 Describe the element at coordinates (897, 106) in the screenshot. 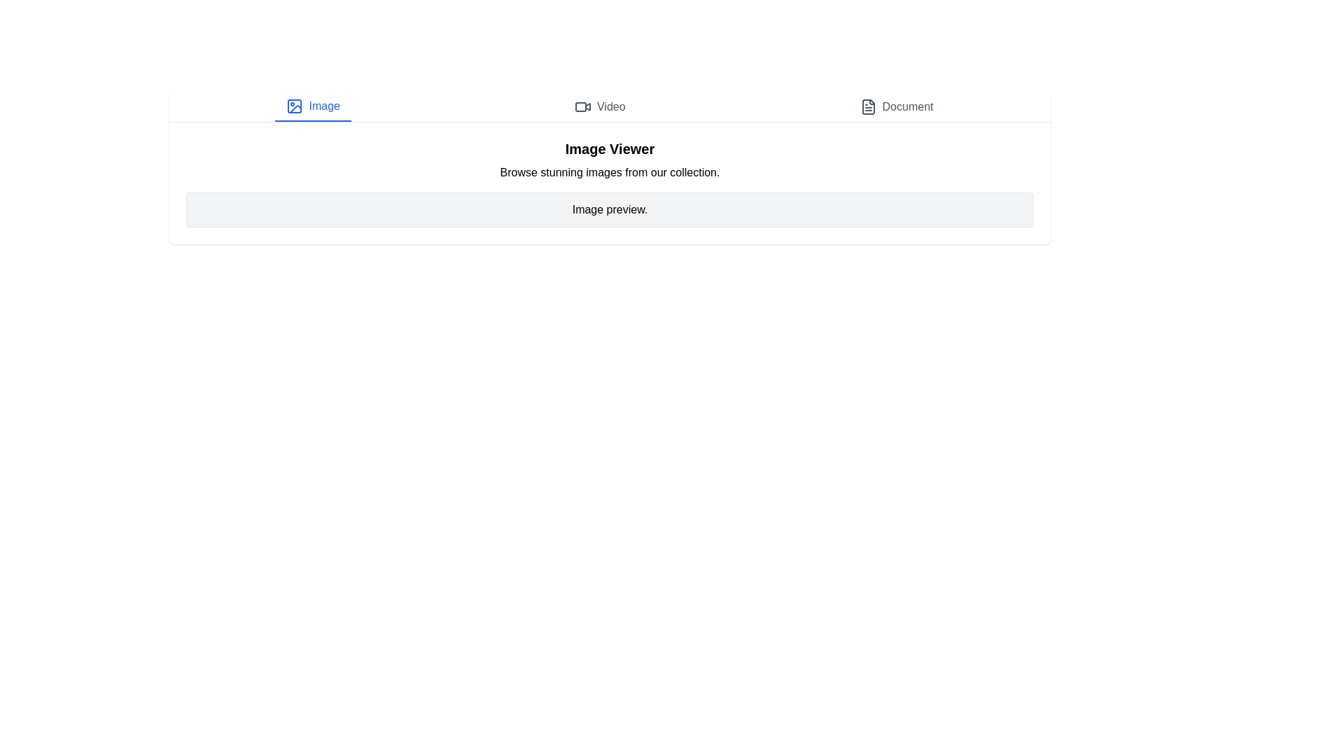

I see `the Document tab by clicking on it` at that location.